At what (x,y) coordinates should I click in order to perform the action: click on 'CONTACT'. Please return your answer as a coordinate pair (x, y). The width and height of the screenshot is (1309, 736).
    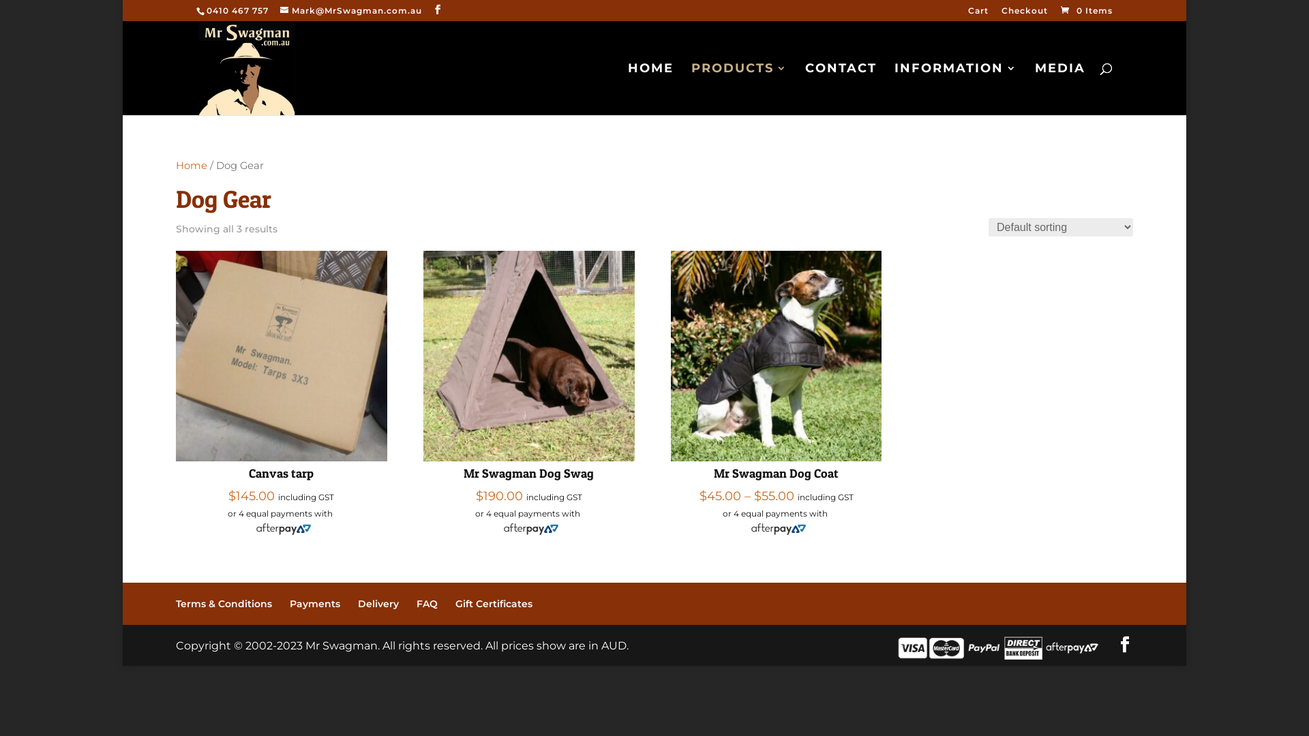
    Looking at the image, I should click on (840, 89).